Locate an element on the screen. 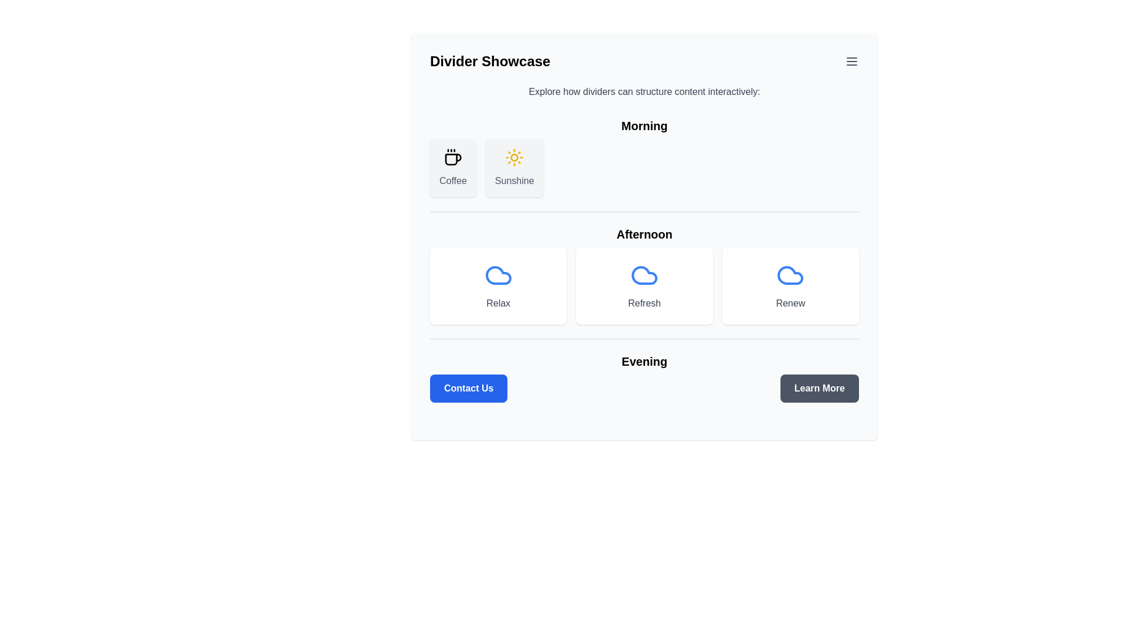 The height and width of the screenshot is (633, 1125). the 'Refresh' text label located in the 'Afternoon' section, which serves as a label for the middle option under the card-like component is located at coordinates (643, 302).